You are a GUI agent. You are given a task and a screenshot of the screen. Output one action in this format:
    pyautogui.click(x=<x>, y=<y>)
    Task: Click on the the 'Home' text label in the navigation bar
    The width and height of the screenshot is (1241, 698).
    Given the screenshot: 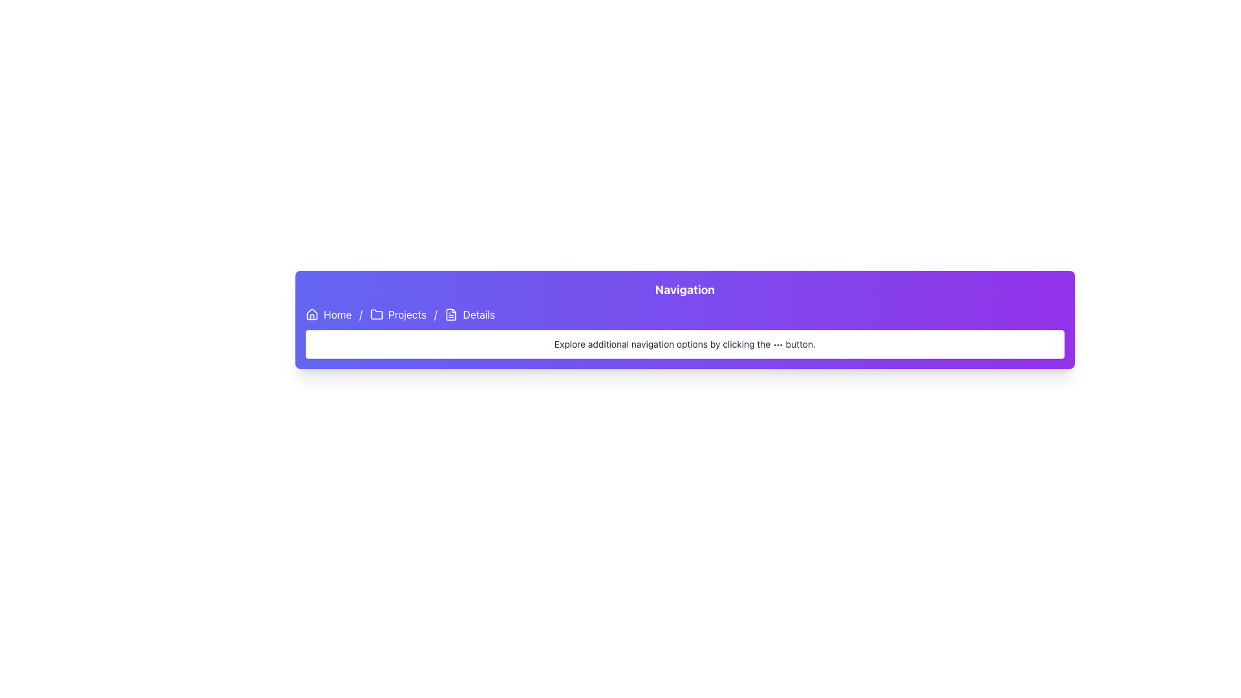 What is the action you would take?
    pyautogui.click(x=337, y=314)
    